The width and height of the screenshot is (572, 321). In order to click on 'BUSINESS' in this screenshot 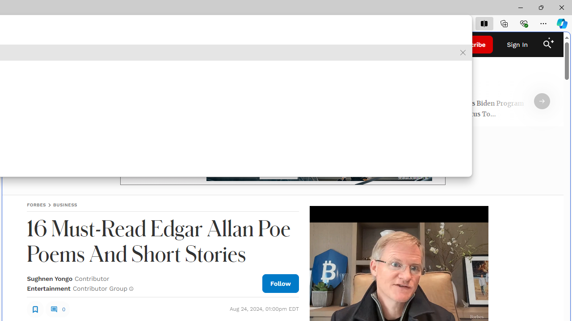, I will do `click(64, 205)`.